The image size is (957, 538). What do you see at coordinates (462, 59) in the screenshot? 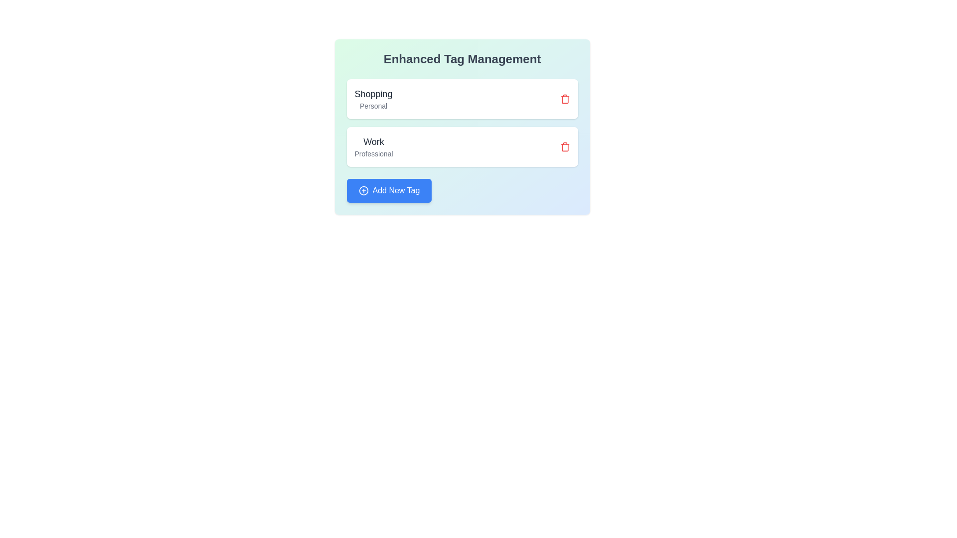
I see `the text heading 'Enhanced Tag Management', which is styled with bold and extra-large font in dark gray, located at the center-top of a card-like layout` at bounding box center [462, 59].